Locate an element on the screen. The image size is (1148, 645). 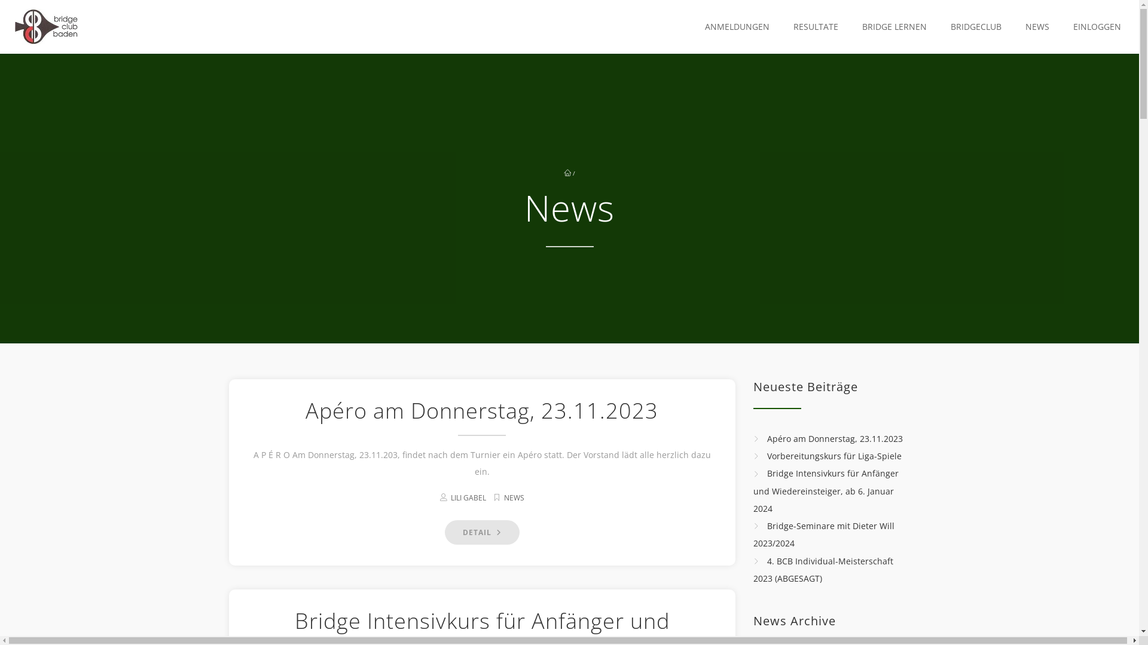
'BRIDGECLUB' is located at coordinates (935, 27).